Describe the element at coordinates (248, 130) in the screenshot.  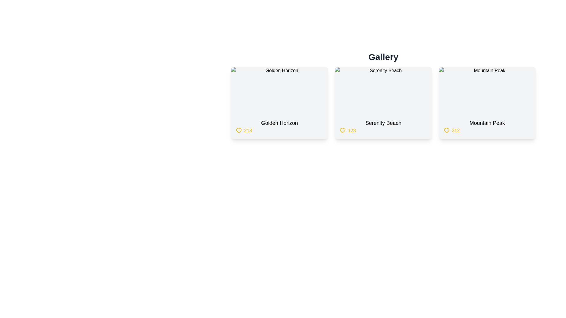
I see `displayed value of the text label showing the number 213 in yellow, located in the bottom-left corner of the 'Golden Horizon' card, next to the yellow heart icon` at that location.